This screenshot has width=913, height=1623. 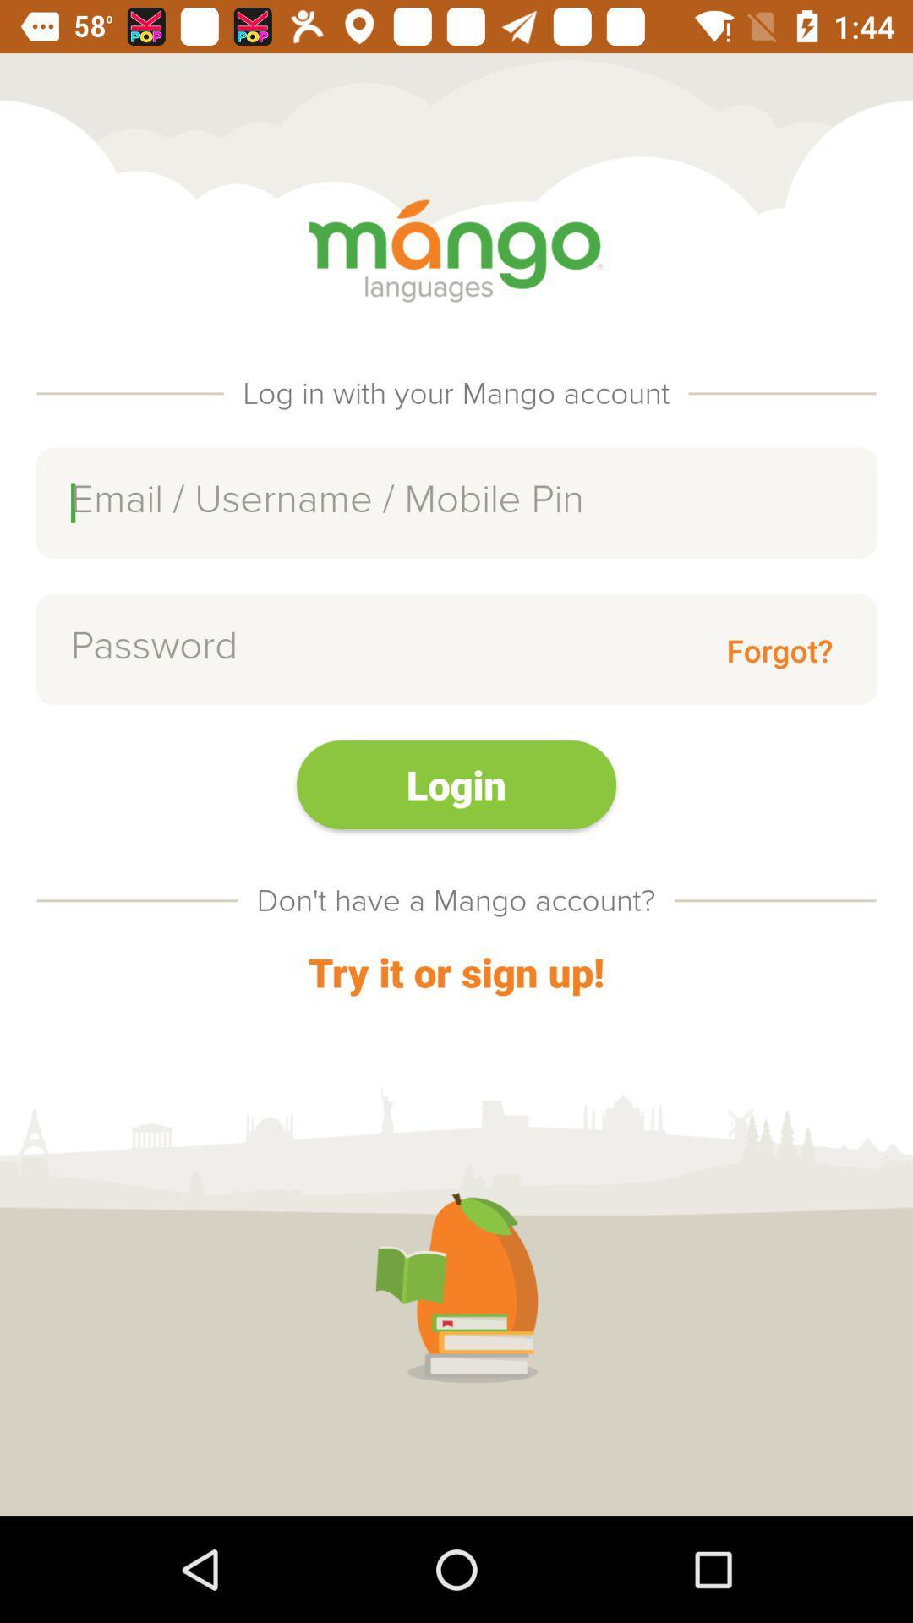 I want to click on information, so click(x=456, y=502).